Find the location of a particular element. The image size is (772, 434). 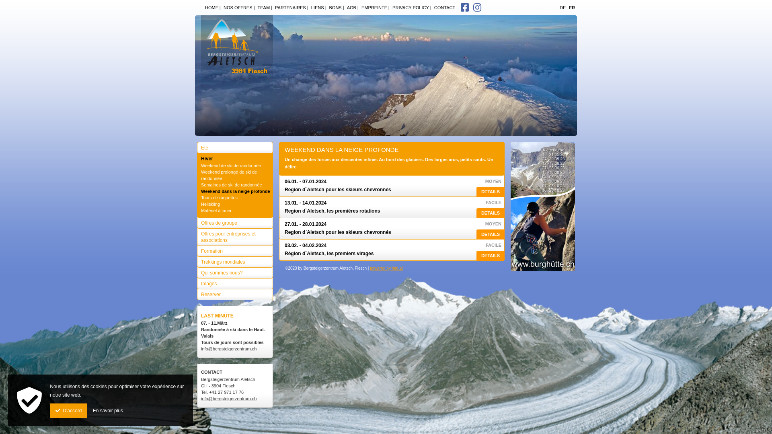

'D'accord' is located at coordinates (68, 411).